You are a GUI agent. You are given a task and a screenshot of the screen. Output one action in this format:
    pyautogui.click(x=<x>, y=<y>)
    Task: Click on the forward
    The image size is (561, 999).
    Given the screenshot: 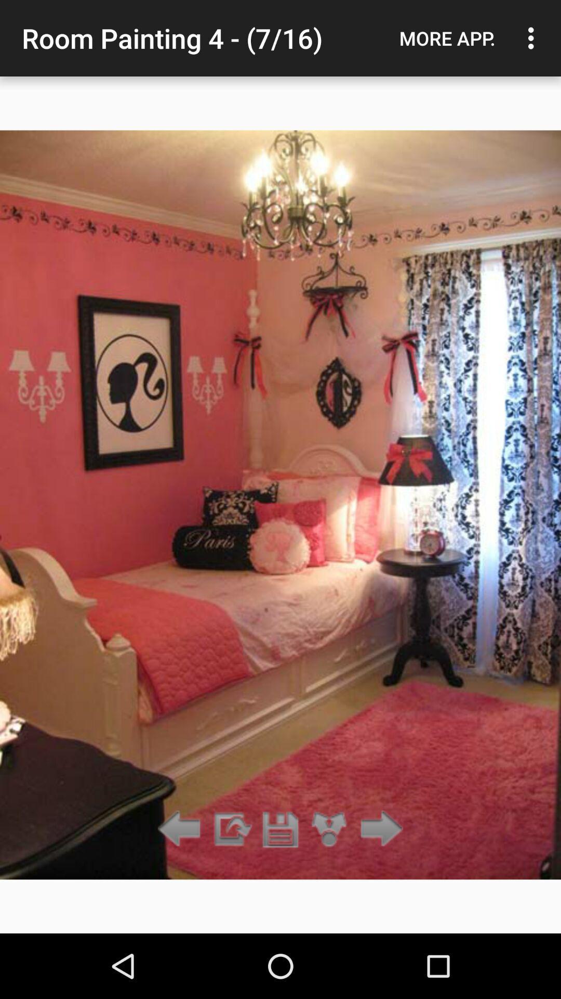 What is the action you would take?
    pyautogui.click(x=231, y=829)
    